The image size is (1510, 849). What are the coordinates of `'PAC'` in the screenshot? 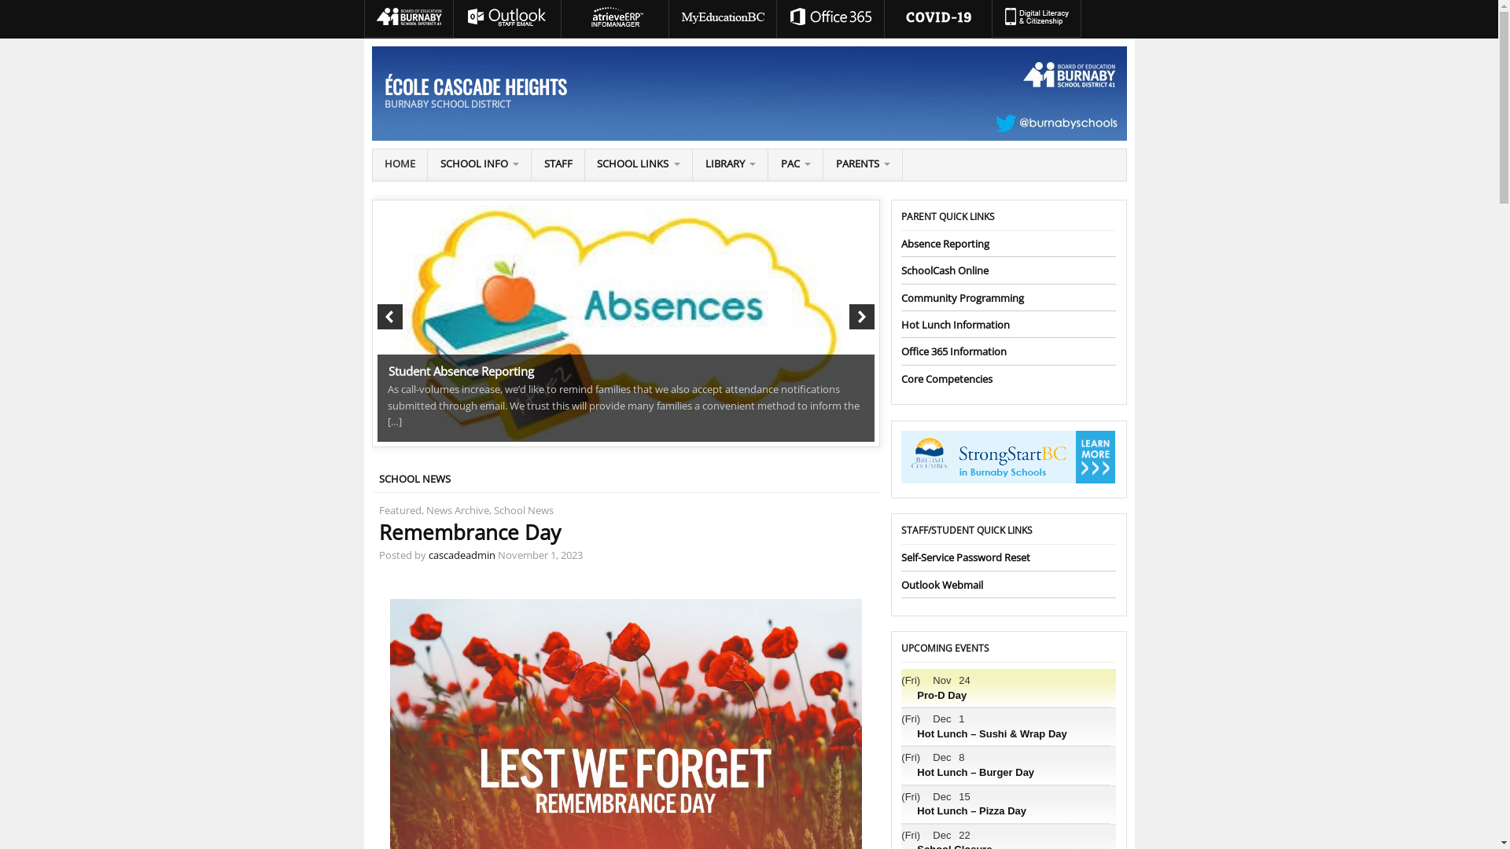 It's located at (795, 164).